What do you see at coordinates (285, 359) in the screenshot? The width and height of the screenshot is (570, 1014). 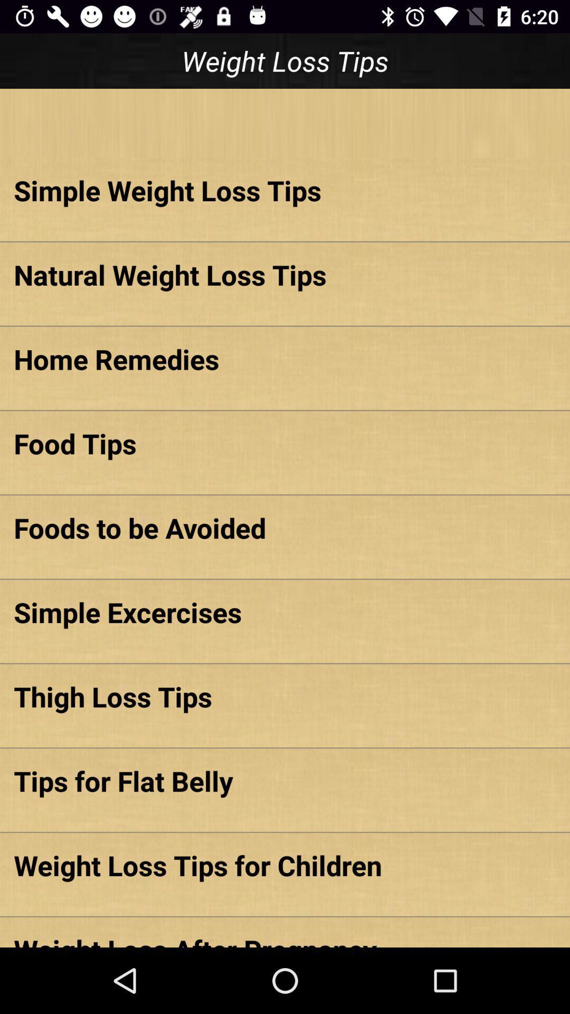 I see `icon above food tips item` at bounding box center [285, 359].